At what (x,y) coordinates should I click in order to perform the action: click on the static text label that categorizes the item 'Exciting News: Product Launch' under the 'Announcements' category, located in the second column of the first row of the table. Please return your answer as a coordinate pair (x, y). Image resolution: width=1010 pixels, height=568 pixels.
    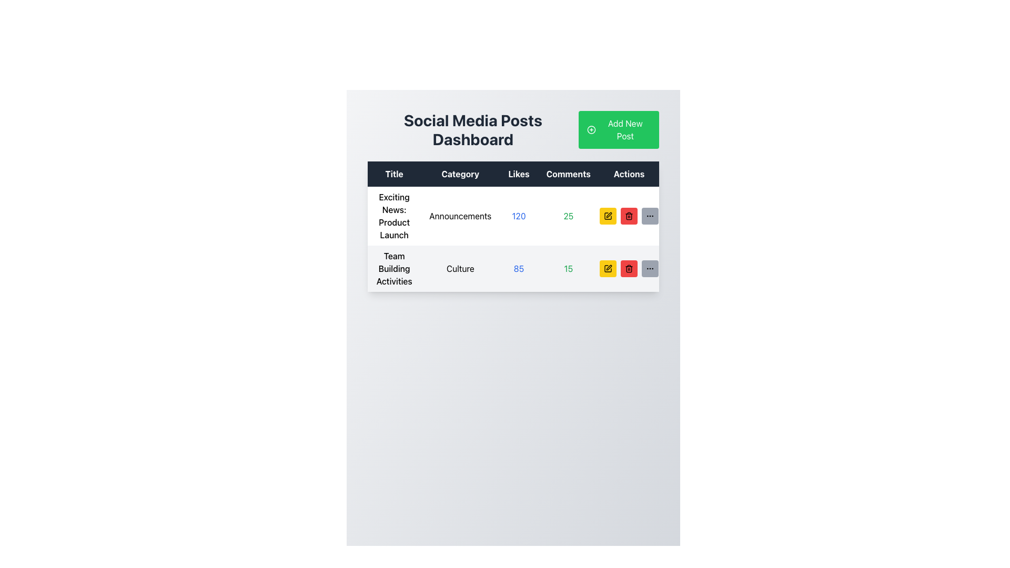
    Looking at the image, I should click on (460, 216).